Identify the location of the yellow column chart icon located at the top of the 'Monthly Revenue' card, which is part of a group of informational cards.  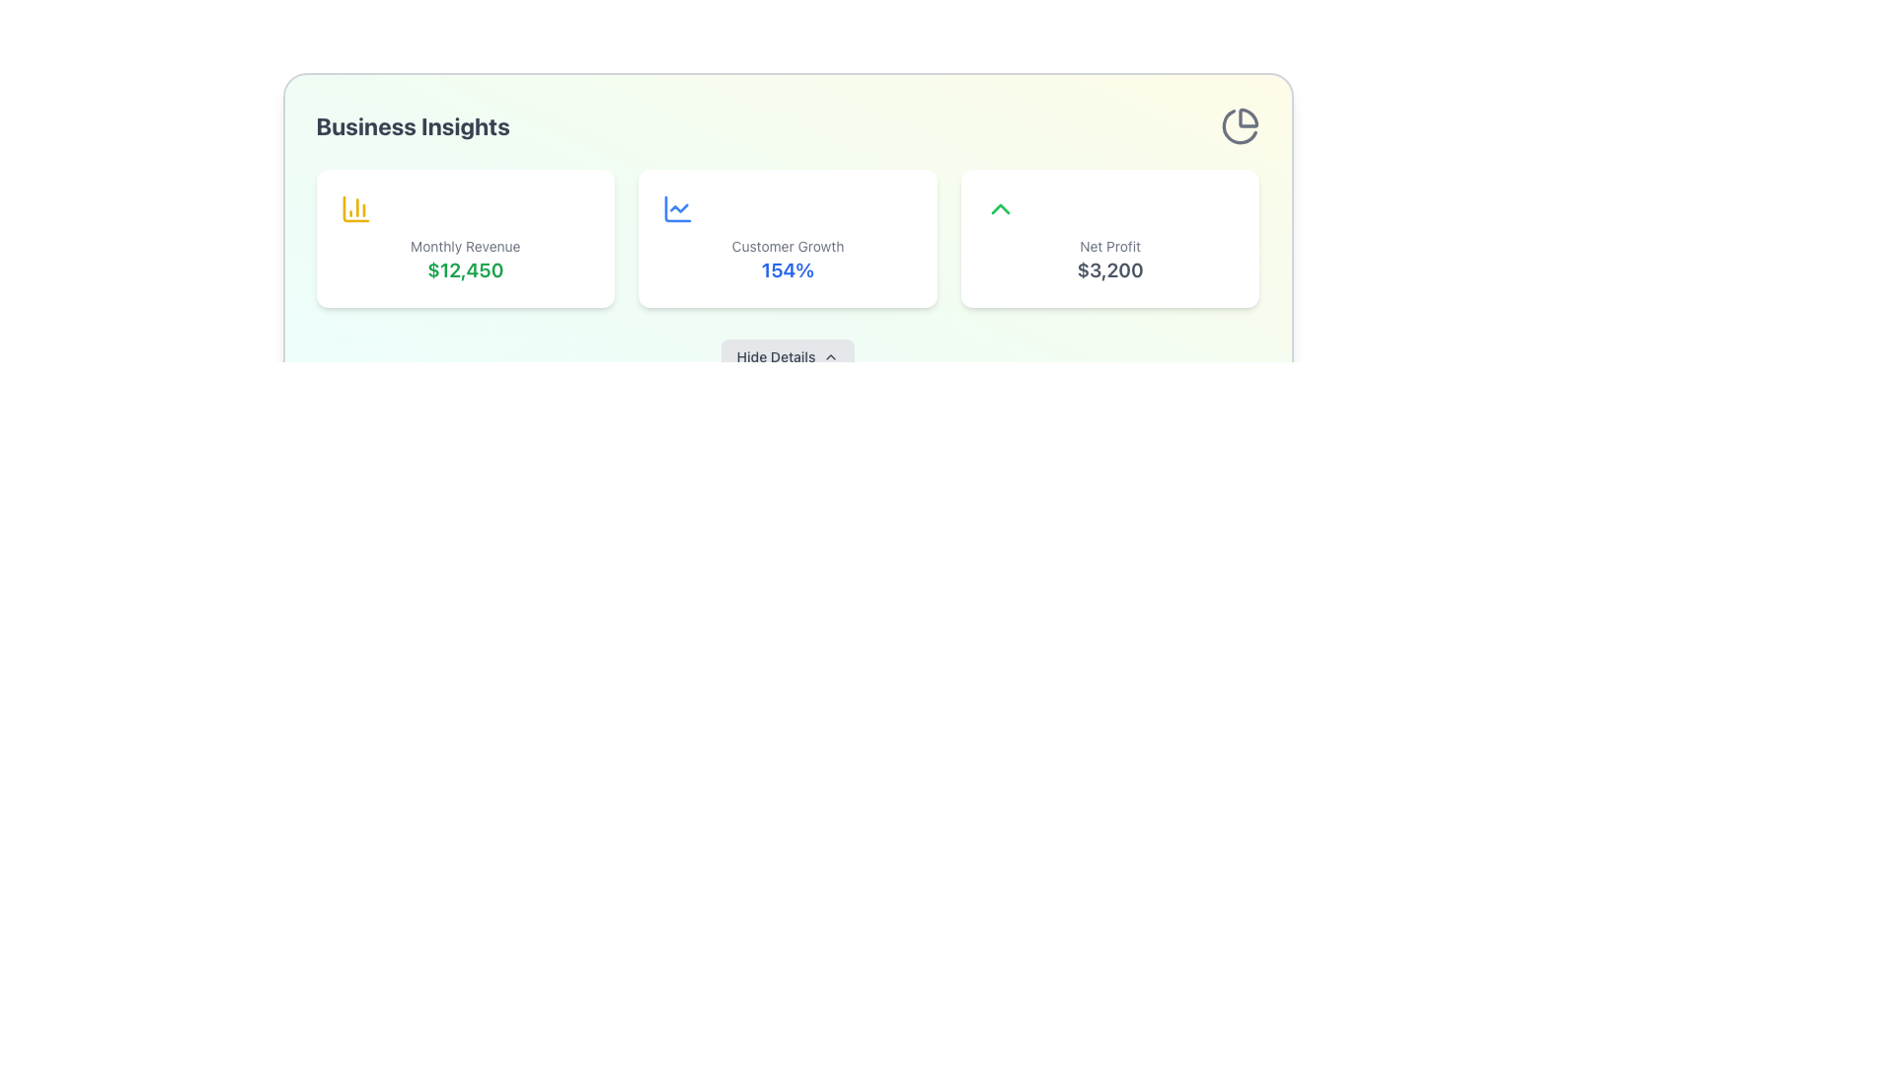
(355, 209).